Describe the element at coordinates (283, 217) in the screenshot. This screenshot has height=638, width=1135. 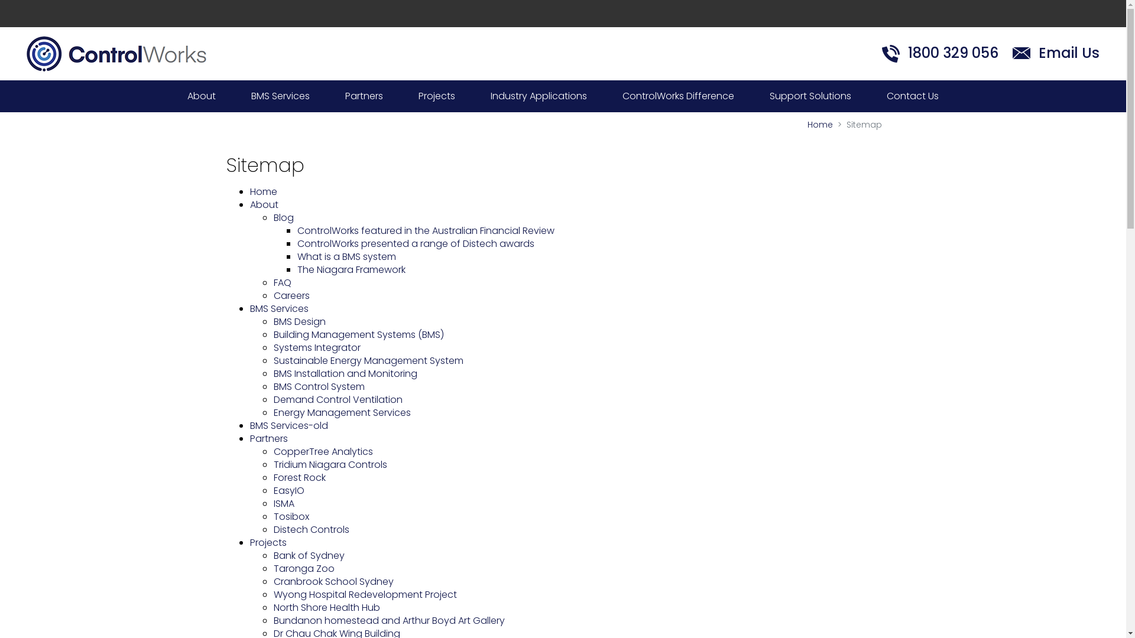
I see `'Blog'` at that location.